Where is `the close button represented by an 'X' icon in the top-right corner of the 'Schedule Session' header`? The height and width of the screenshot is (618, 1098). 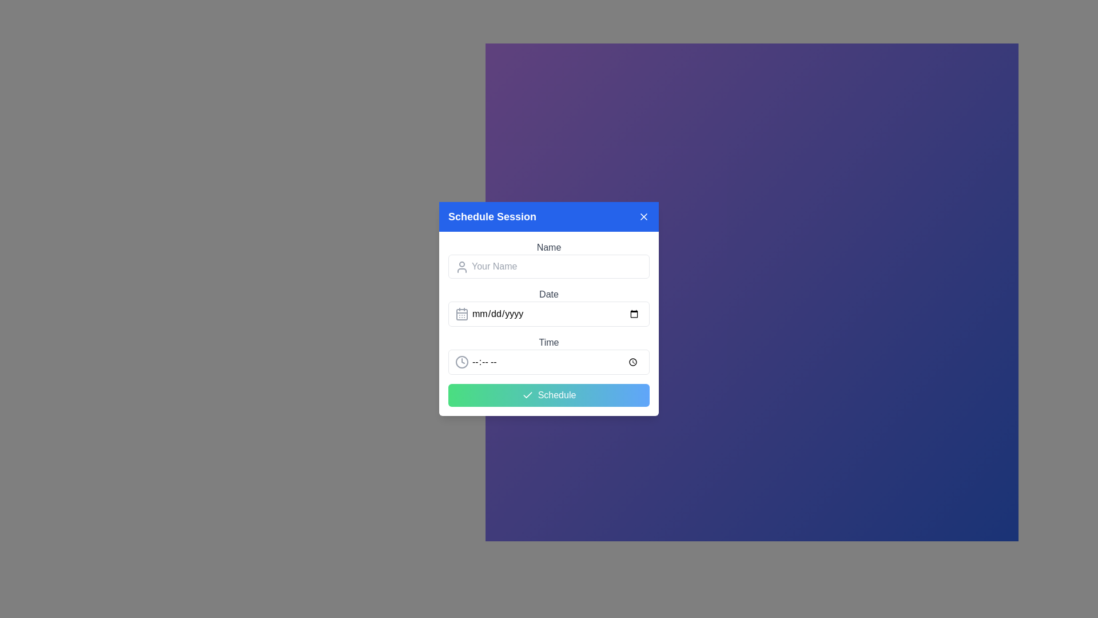 the close button represented by an 'X' icon in the top-right corner of the 'Schedule Session' header is located at coordinates (644, 216).